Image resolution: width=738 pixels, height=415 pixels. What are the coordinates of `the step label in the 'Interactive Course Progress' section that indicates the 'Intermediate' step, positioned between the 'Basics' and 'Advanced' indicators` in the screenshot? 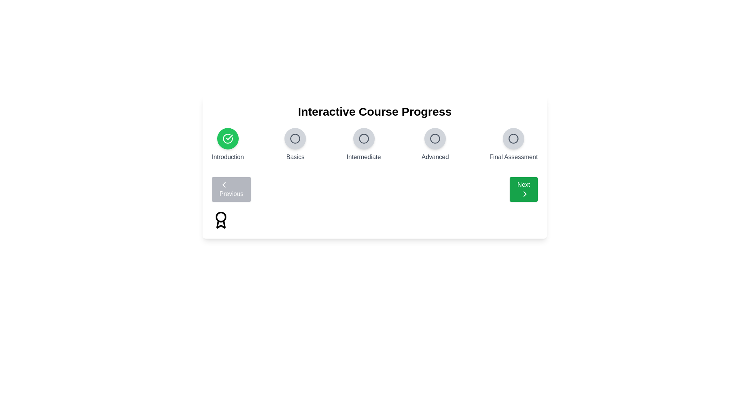 It's located at (363, 156).